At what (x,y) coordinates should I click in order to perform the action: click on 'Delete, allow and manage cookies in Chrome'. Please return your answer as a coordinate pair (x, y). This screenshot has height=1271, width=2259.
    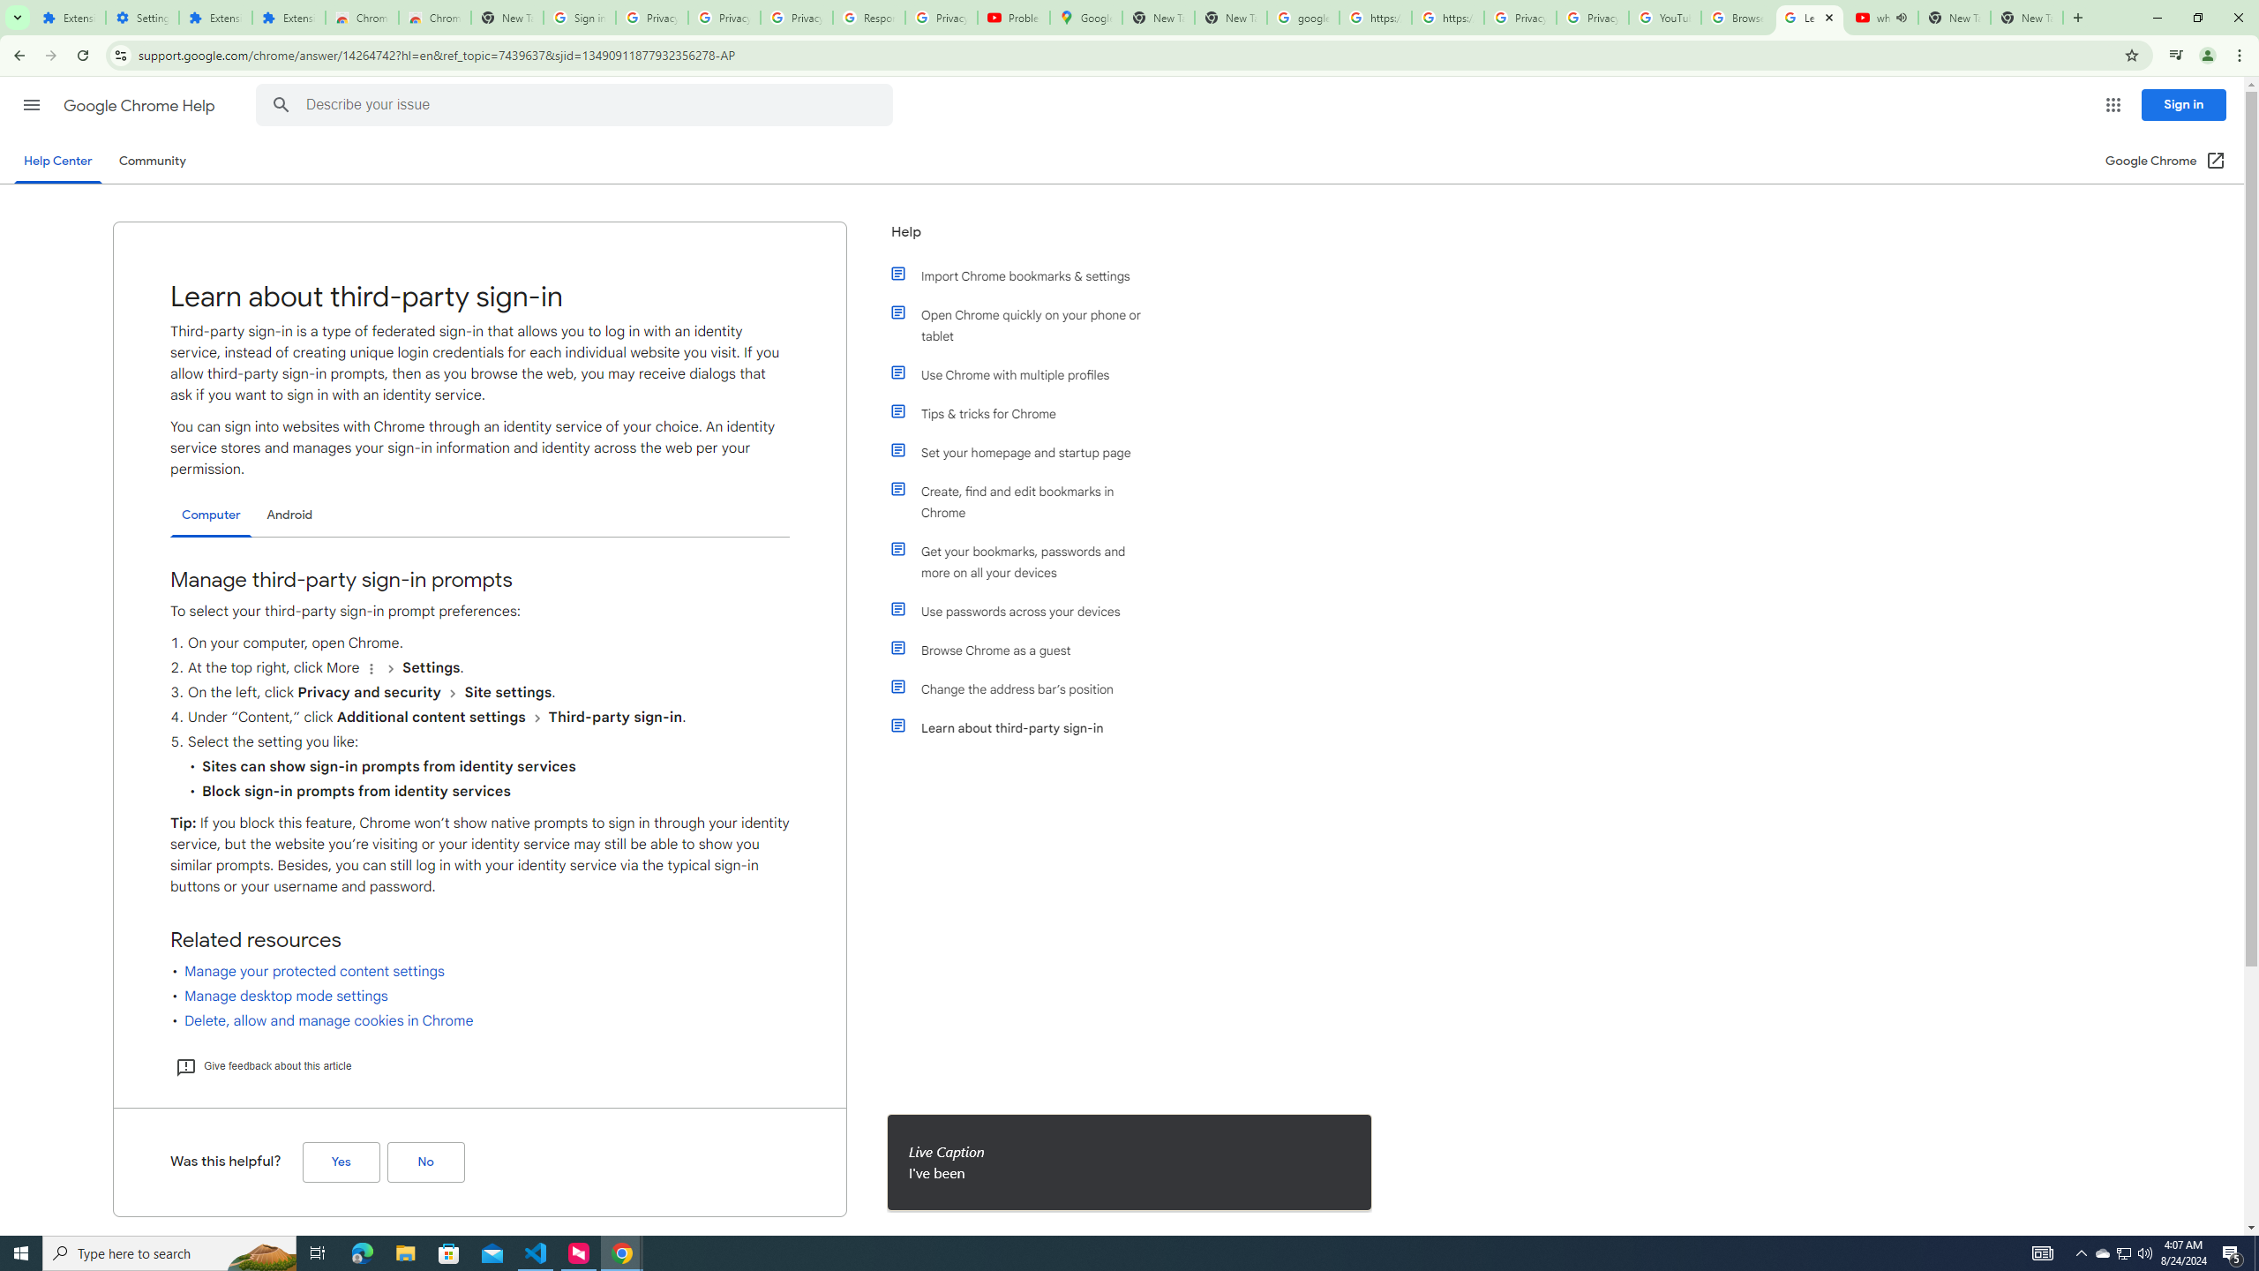
    Looking at the image, I should click on (328, 1020).